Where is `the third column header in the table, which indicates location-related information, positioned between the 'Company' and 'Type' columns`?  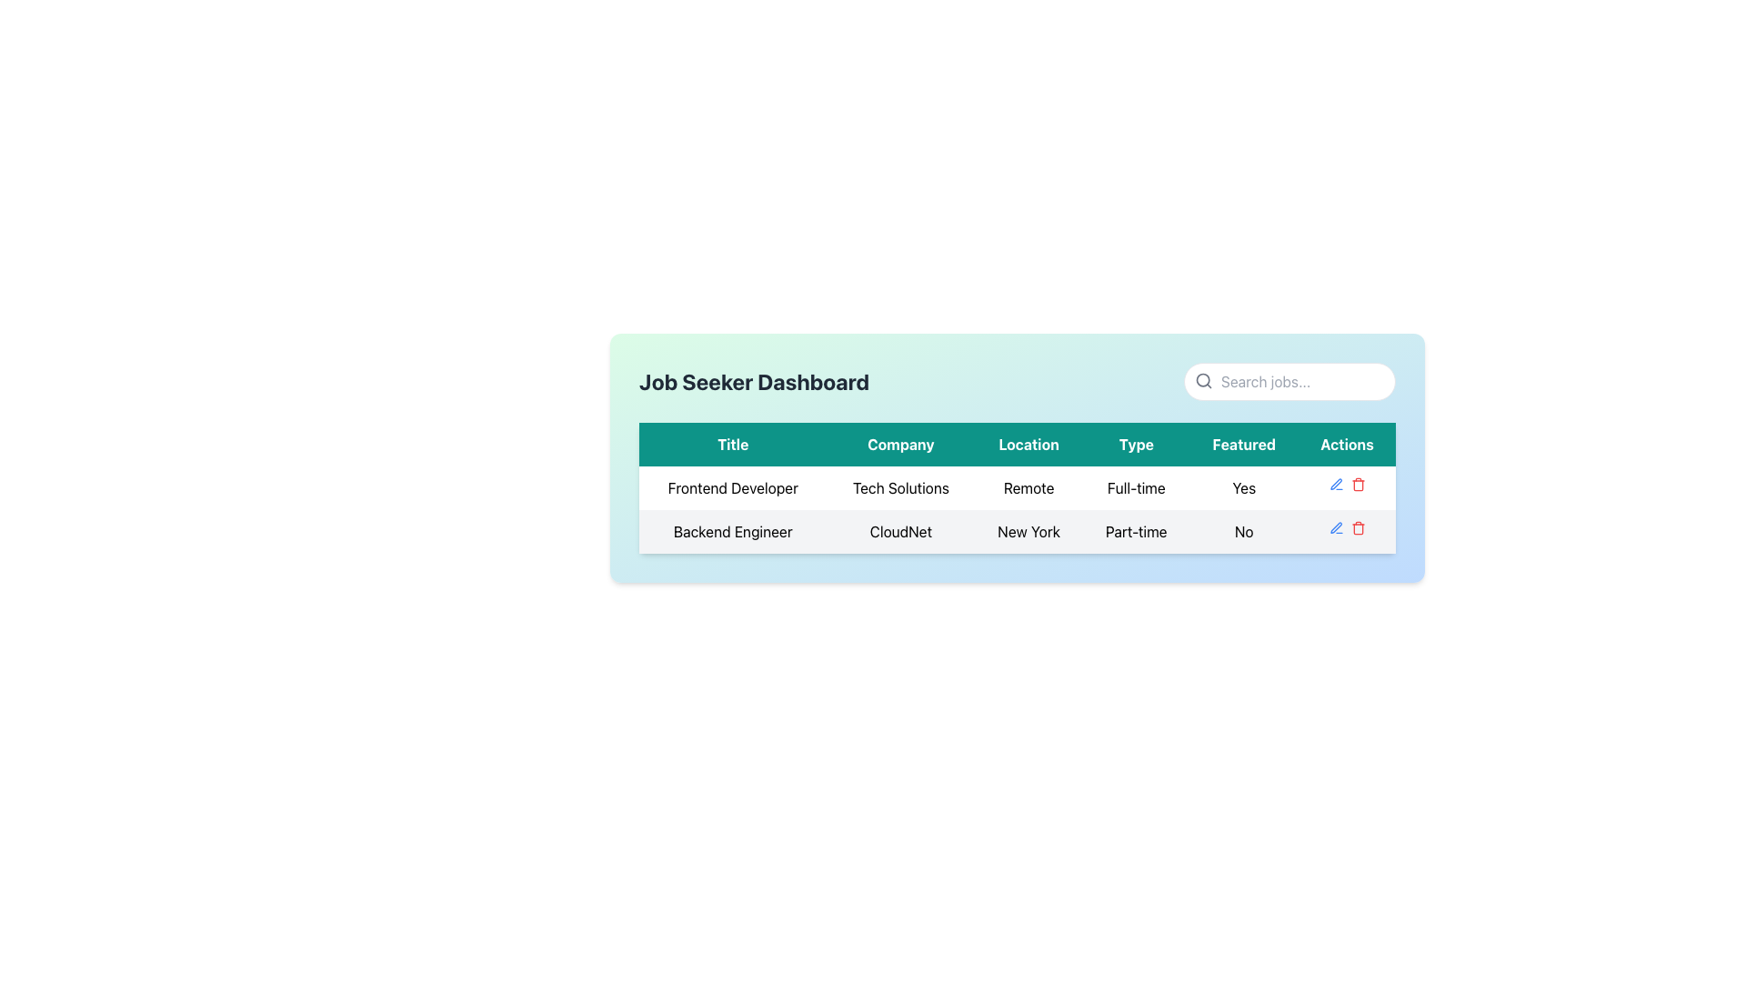 the third column header in the table, which indicates location-related information, positioned between the 'Company' and 'Type' columns is located at coordinates (1029, 445).